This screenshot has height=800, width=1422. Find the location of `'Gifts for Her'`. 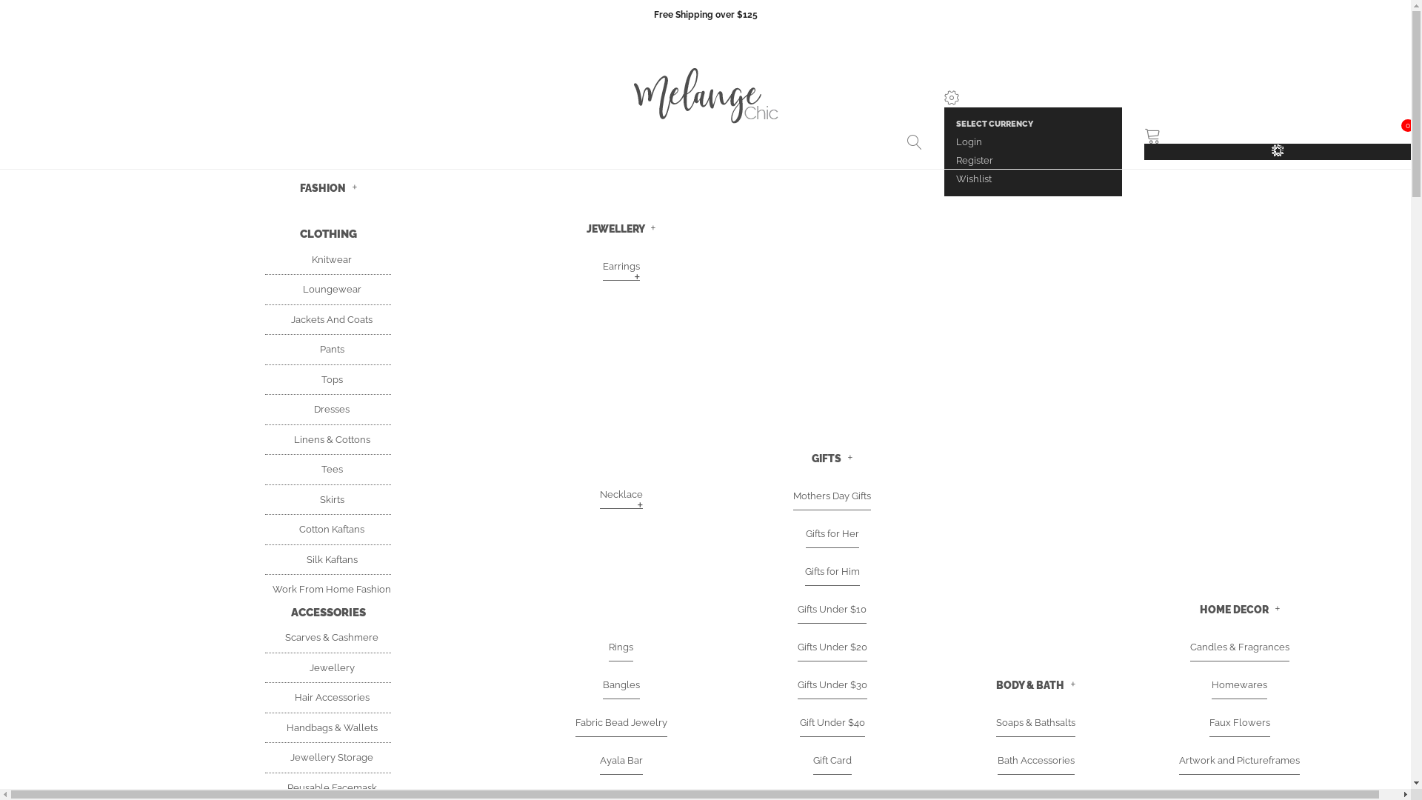

'Gifts for Her' is located at coordinates (805, 534).